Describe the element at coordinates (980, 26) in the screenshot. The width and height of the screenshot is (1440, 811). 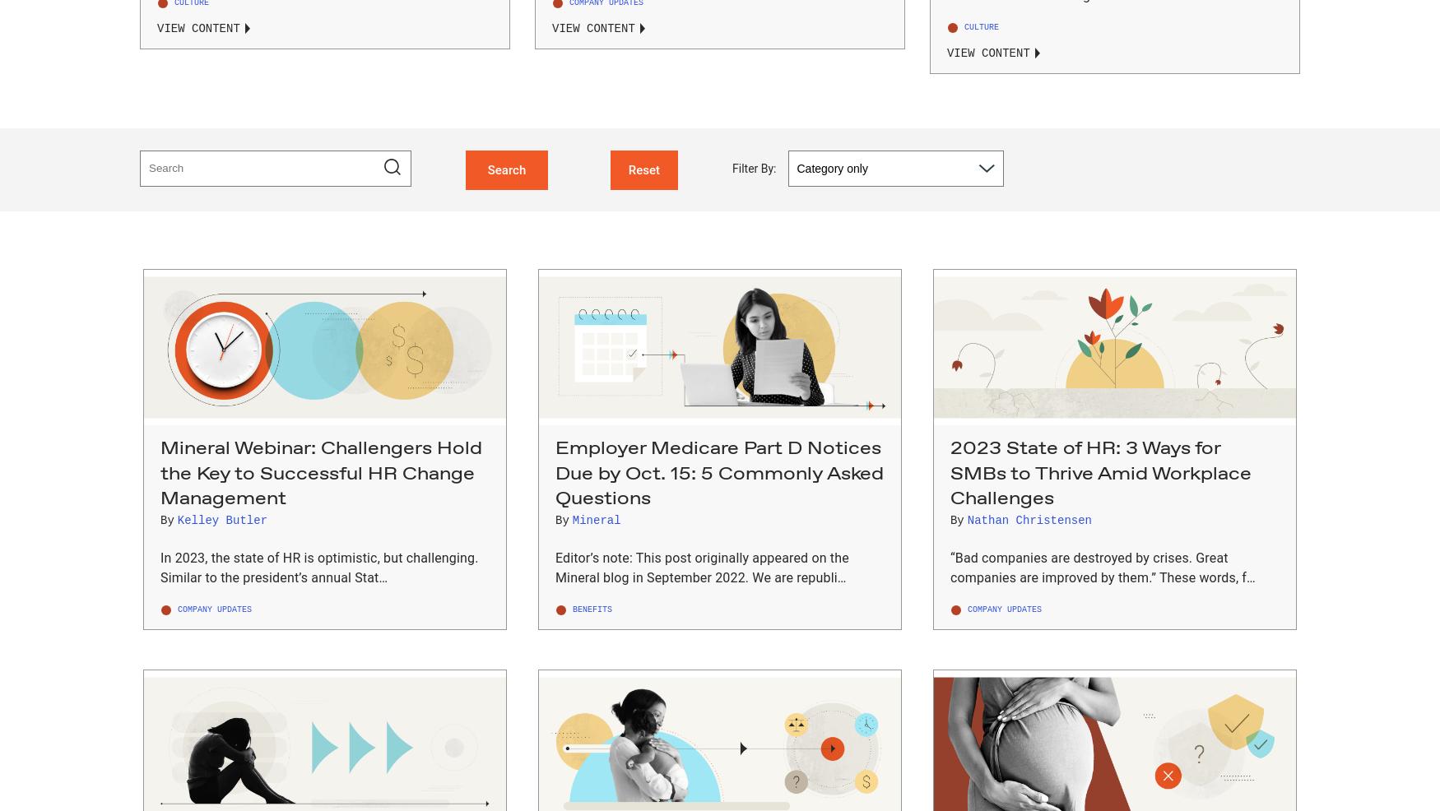
I see `'Culture'` at that location.